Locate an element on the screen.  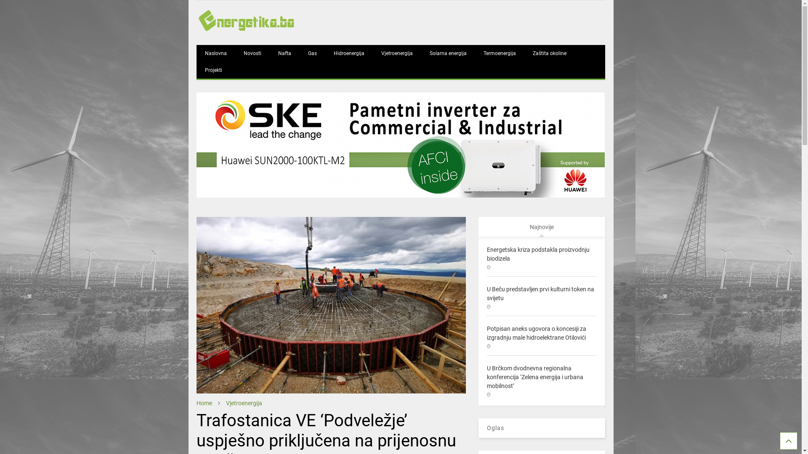
'Novosti' is located at coordinates (252, 53).